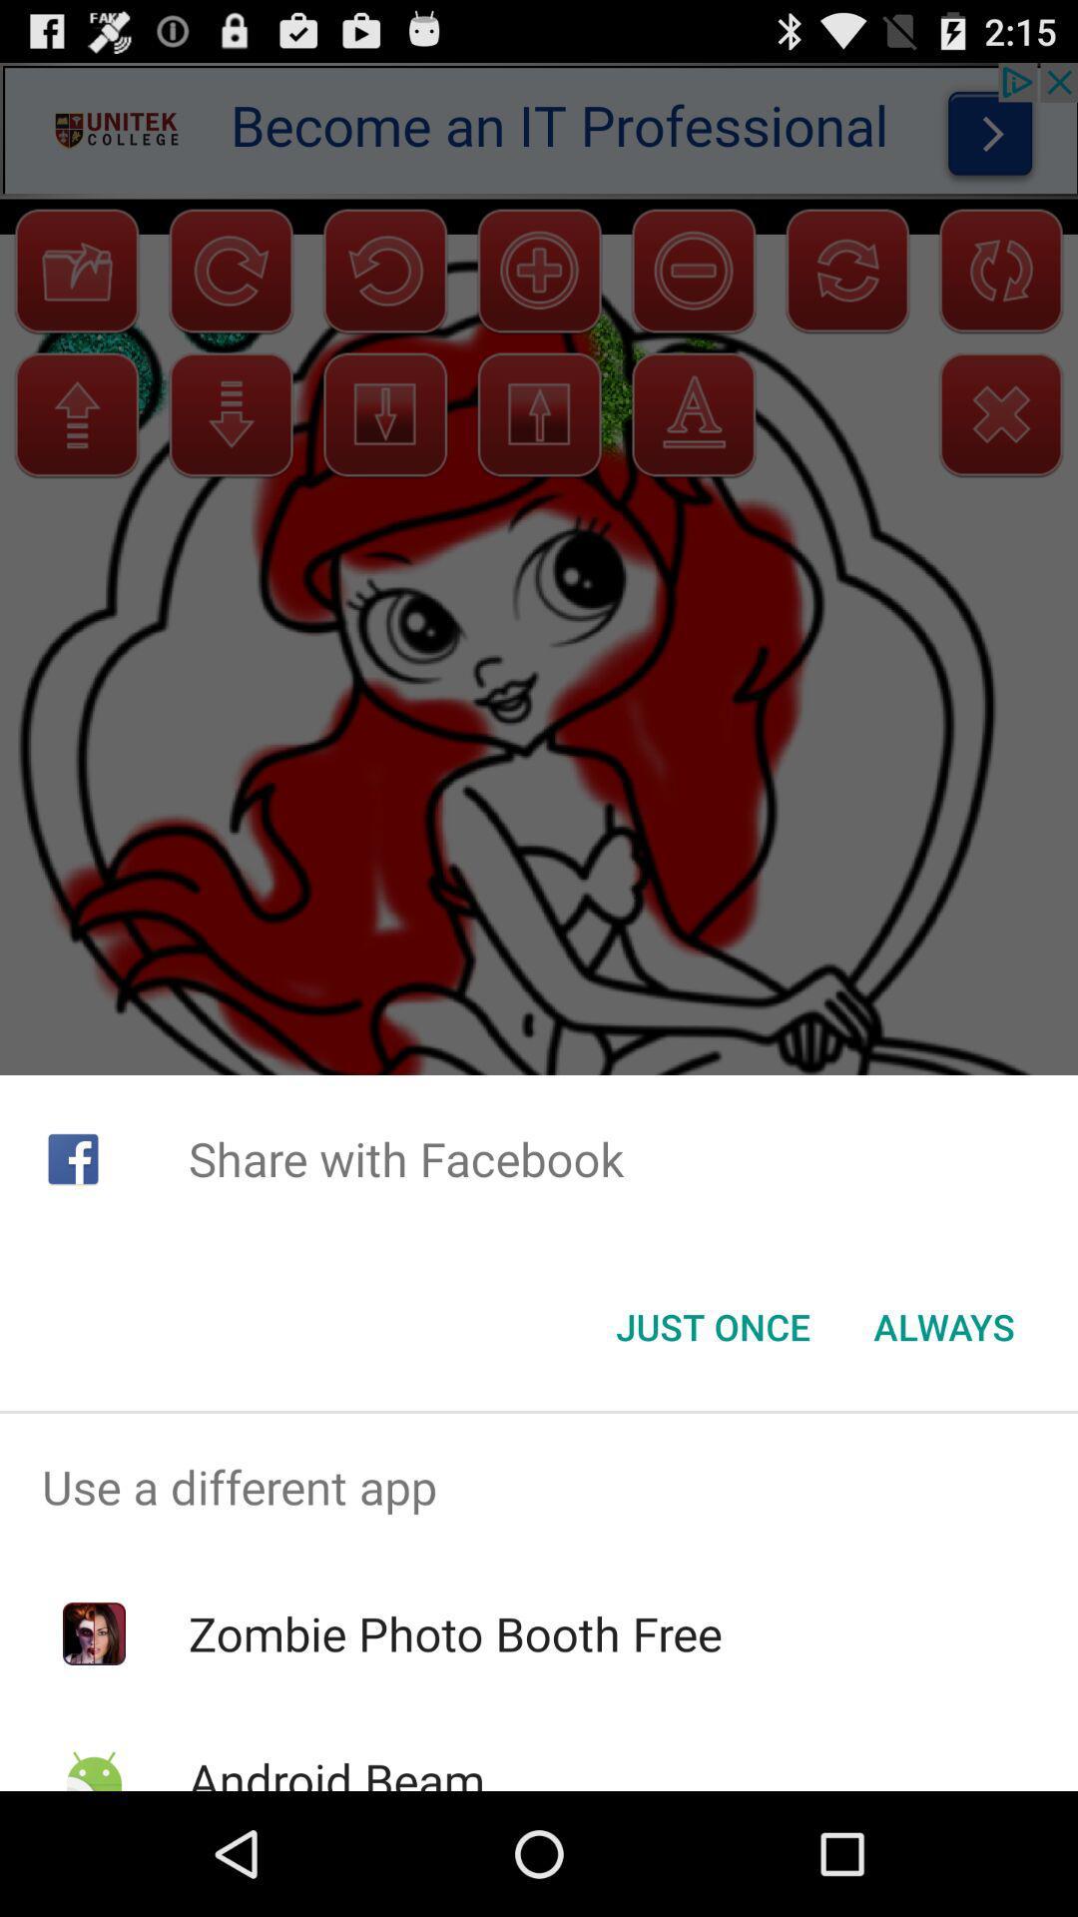 The width and height of the screenshot is (1078, 1917). Describe the element at coordinates (455, 1633) in the screenshot. I see `the zombie photo booth icon` at that location.